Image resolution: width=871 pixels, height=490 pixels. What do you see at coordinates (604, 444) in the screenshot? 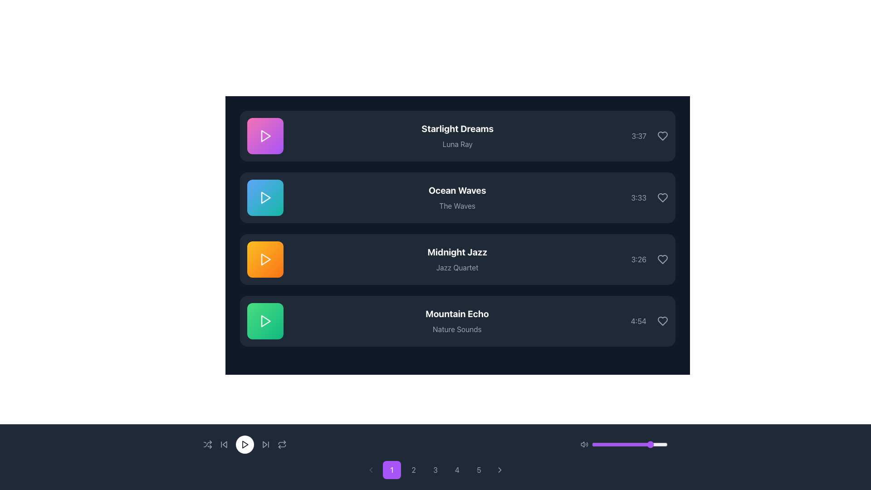
I see `the slider value` at bounding box center [604, 444].